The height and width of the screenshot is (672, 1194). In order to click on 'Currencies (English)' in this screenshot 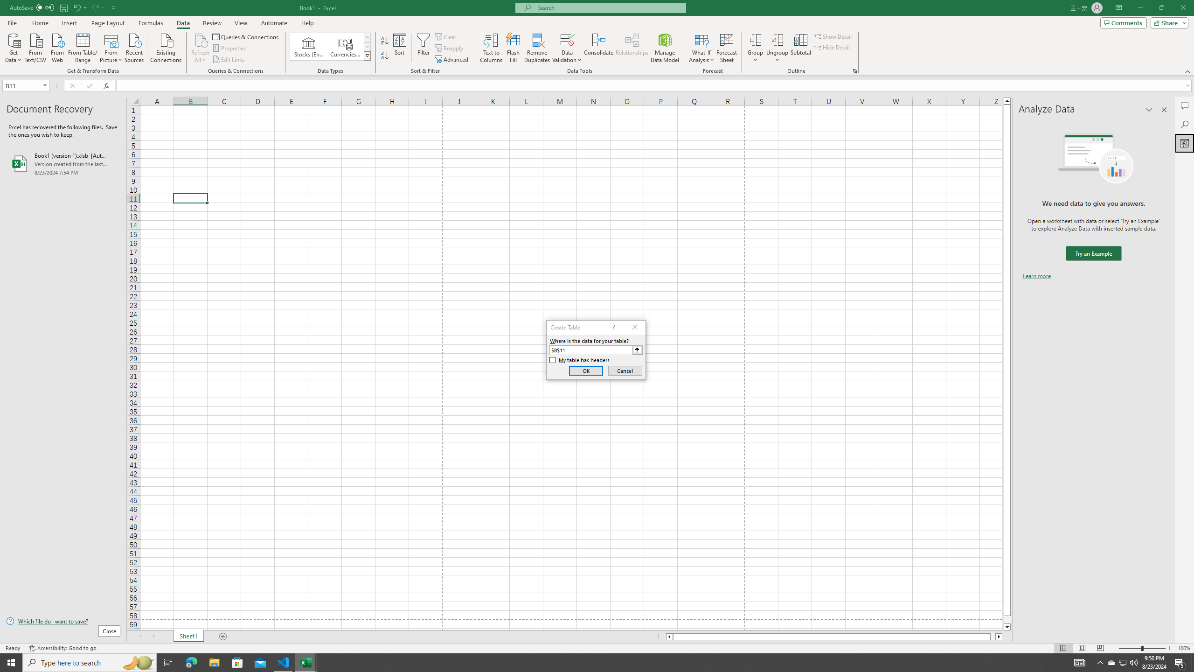, I will do `click(344, 46)`.